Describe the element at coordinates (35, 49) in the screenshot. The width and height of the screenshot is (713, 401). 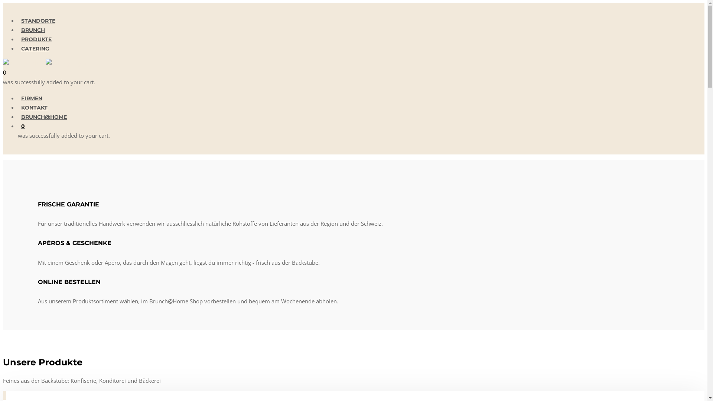
I see `'CATERING'` at that location.